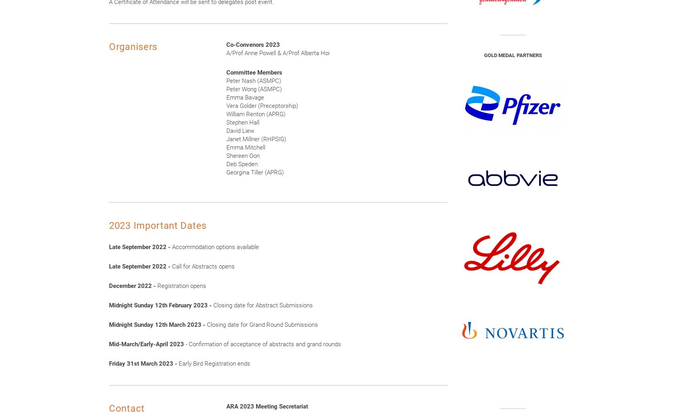 The width and height of the screenshot is (674, 420). Describe the element at coordinates (186, 344) in the screenshot. I see `'- Confirmation of acceptance of abstracts and grand rounds'` at that location.